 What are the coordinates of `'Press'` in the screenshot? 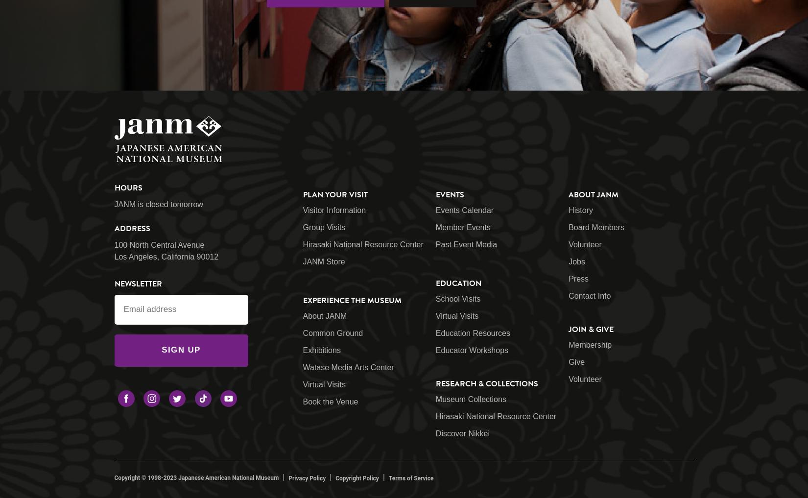 It's located at (568, 278).